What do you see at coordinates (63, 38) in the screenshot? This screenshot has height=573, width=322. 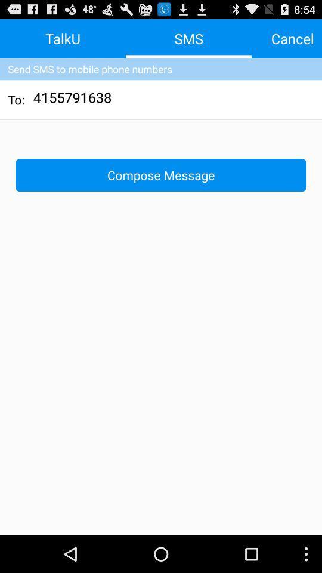 I see `app above send sms to icon` at bounding box center [63, 38].